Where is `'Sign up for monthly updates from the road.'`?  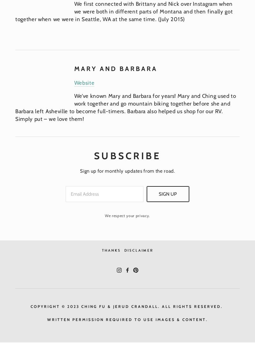 'Sign up for monthly updates from the road.' is located at coordinates (127, 171).